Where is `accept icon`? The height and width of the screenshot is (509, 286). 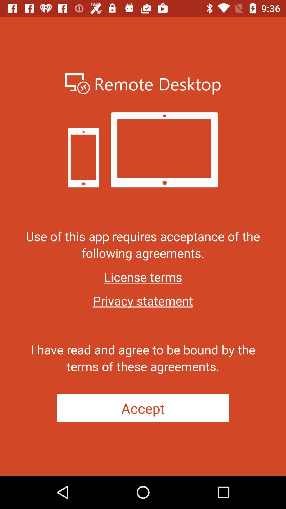
accept icon is located at coordinates (143, 408).